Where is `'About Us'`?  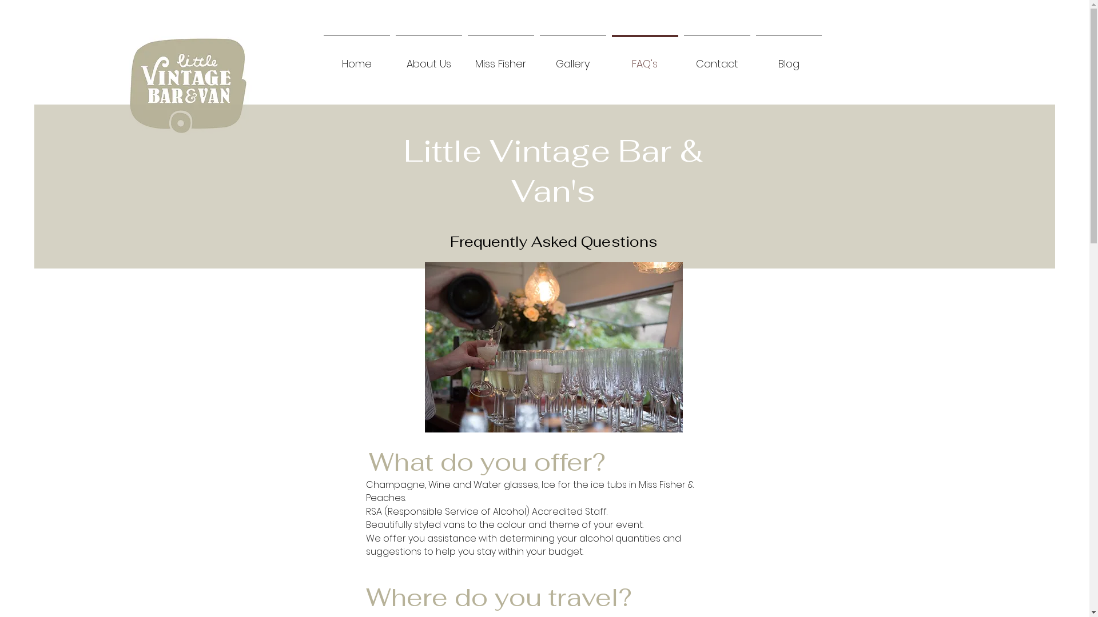 'About Us' is located at coordinates (427, 58).